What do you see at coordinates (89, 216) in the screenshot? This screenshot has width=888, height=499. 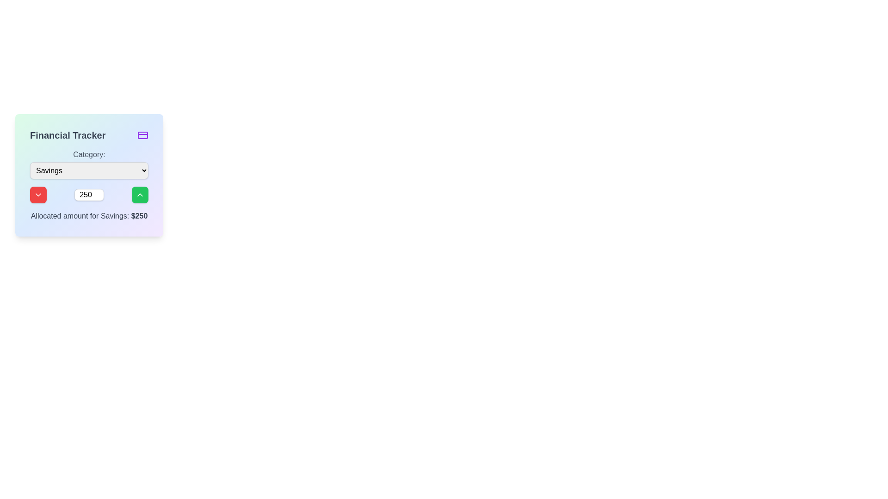 I see `the Text label displaying information about the allocated amount for savings, located at the bottom of the card in the financial tracking app` at bounding box center [89, 216].